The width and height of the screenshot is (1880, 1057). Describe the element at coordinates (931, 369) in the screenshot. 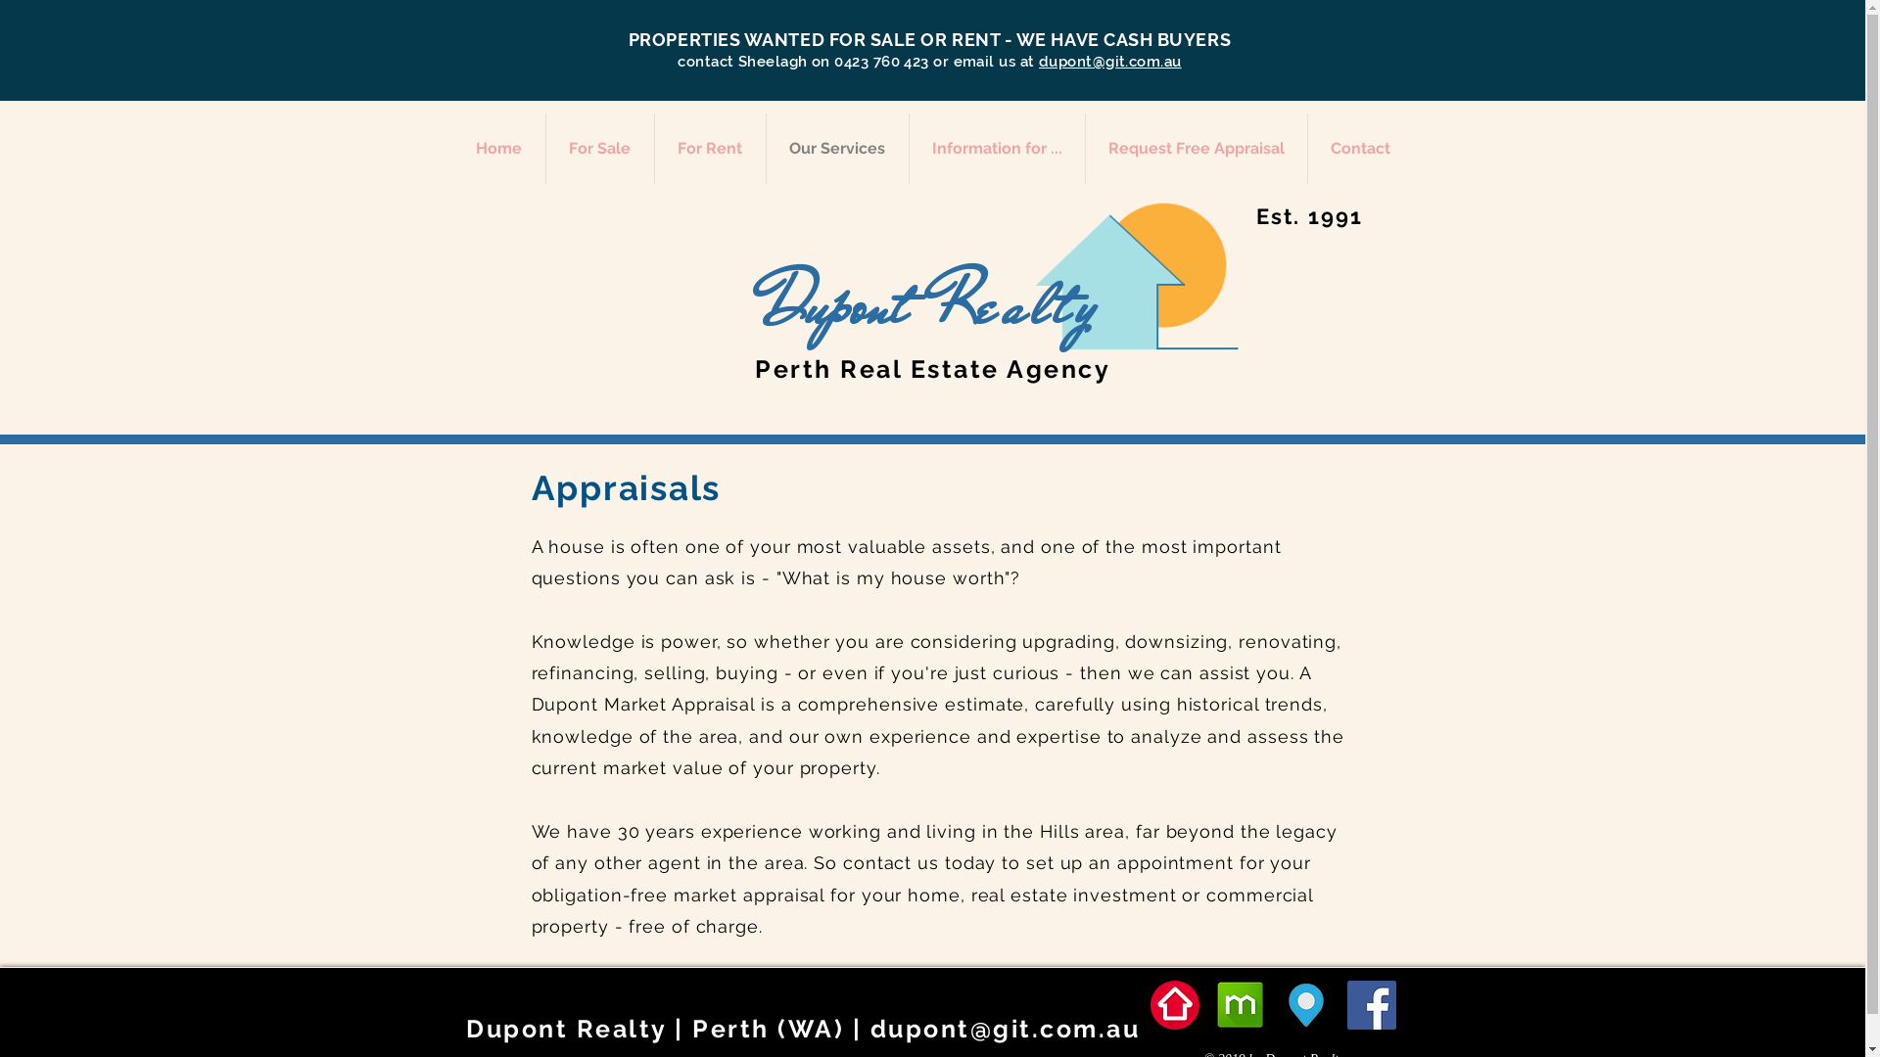

I see `'Perth Real Estate Agency'` at that location.